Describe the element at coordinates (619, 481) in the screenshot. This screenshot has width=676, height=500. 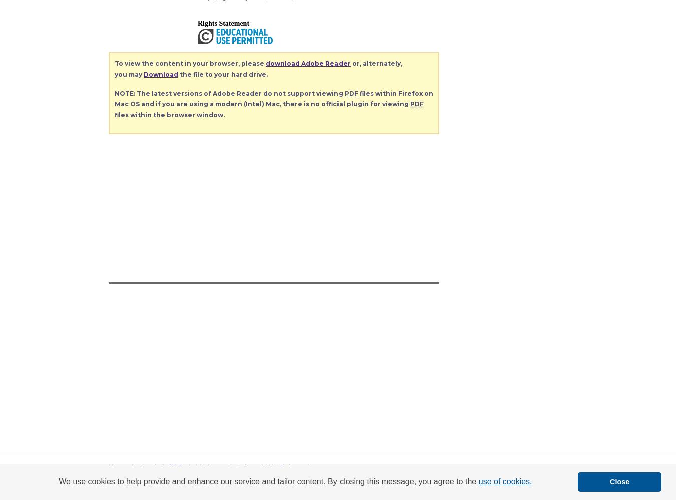
I see `'Close'` at that location.